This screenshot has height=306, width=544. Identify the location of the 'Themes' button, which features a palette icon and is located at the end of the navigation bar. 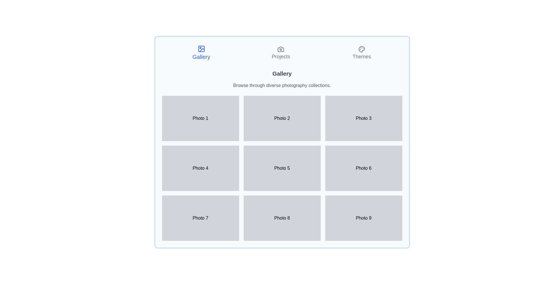
(361, 53).